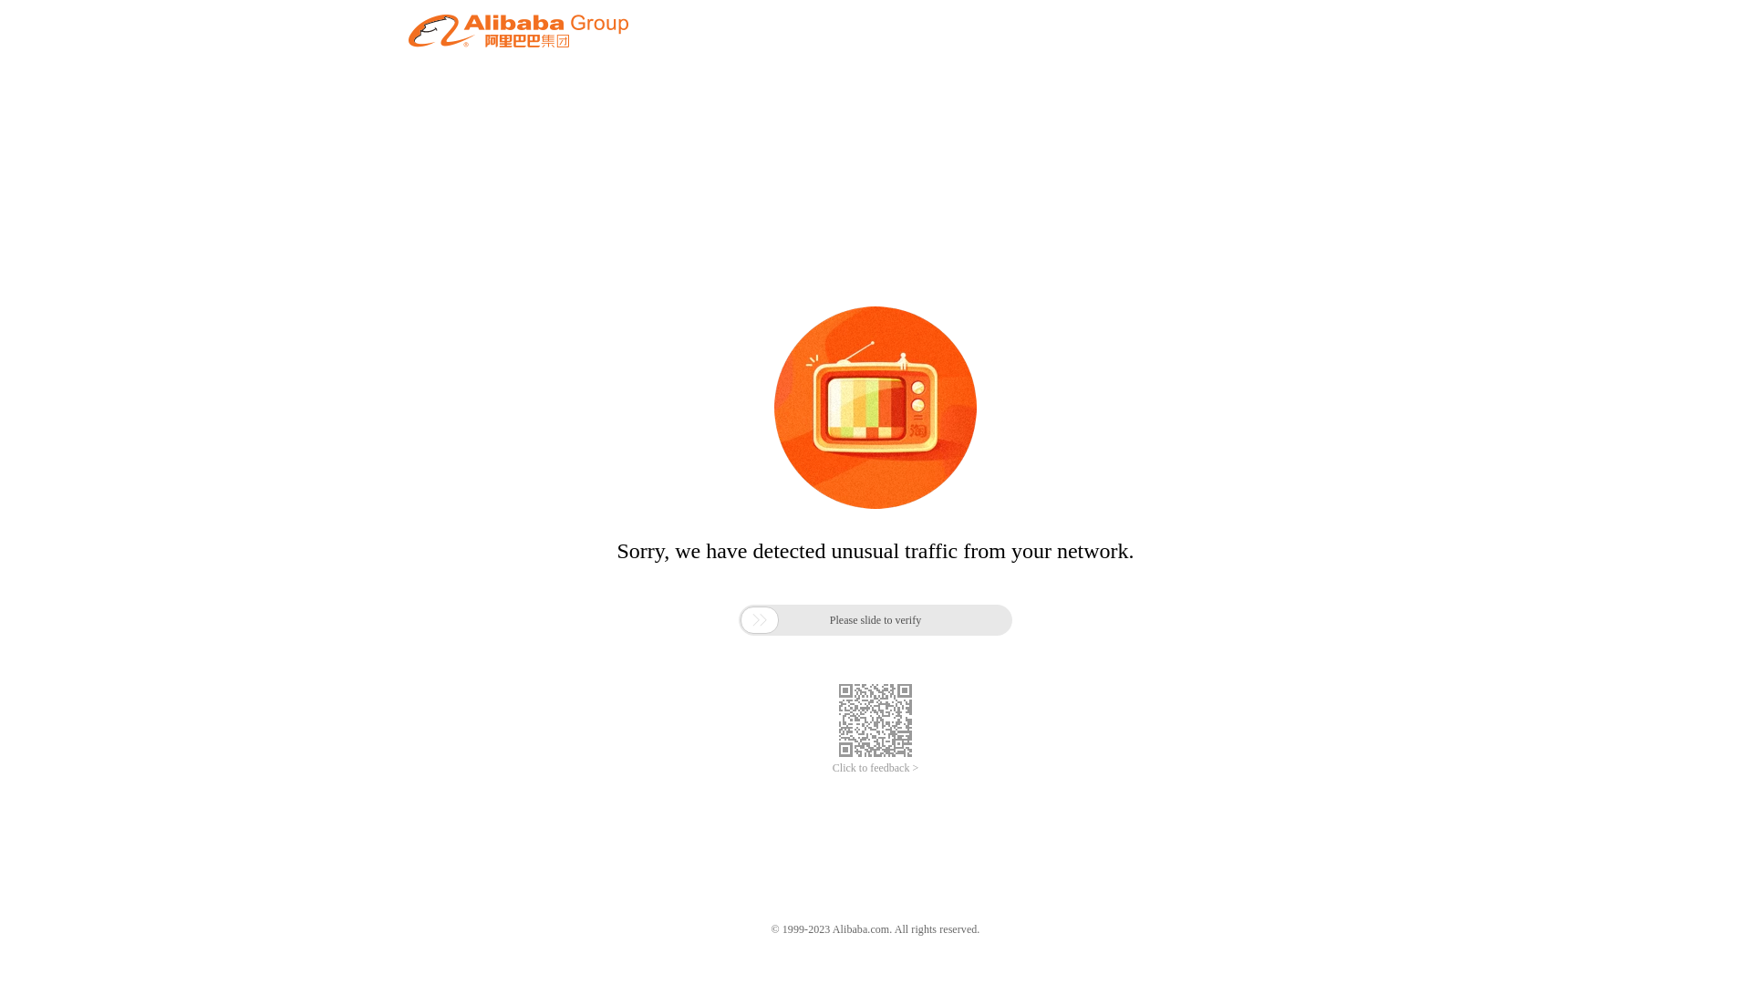 The image size is (1751, 985). What do you see at coordinates (875, 768) in the screenshot?
I see `'Click to feedback >'` at bounding box center [875, 768].